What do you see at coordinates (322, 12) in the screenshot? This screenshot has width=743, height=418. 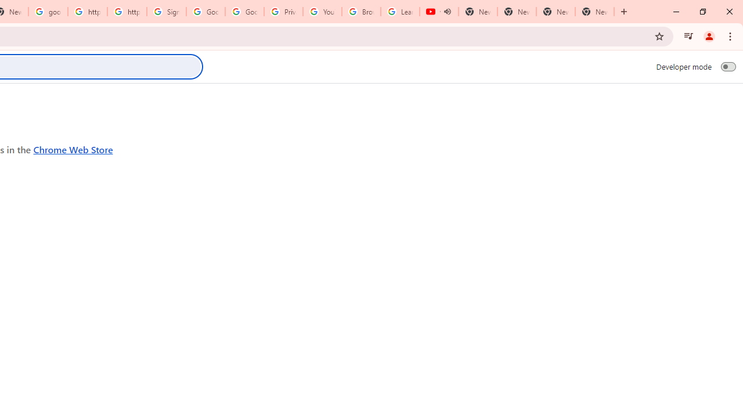 I see `'YouTube'` at bounding box center [322, 12].